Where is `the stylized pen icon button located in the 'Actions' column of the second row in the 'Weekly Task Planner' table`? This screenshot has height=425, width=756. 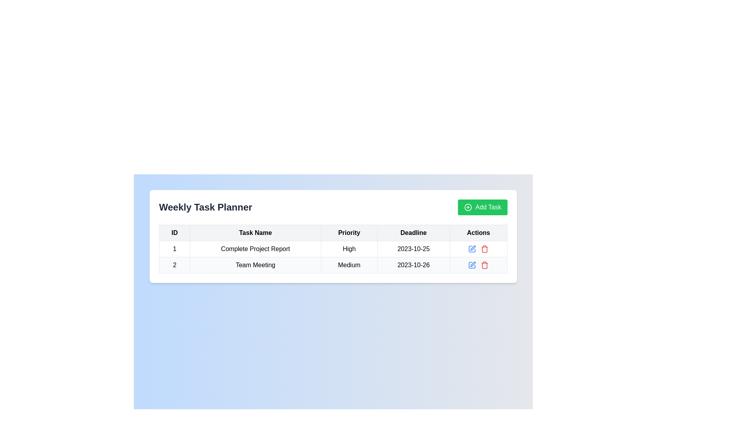 the stylized pen icon button located in the 'Actions' column of the second row in the 'Weekly Task Planner' table is located at coordinates (472, 248).